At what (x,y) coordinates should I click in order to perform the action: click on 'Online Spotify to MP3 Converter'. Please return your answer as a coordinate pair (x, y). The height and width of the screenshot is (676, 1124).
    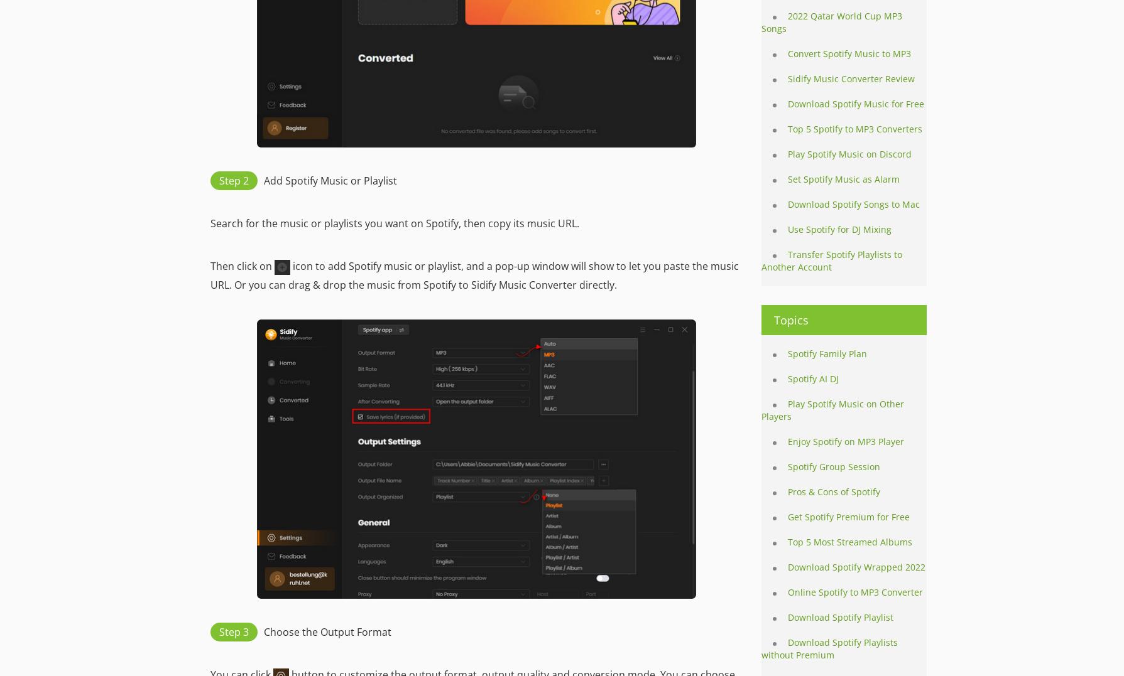
    Looking at the image, I should click on (788, 591).